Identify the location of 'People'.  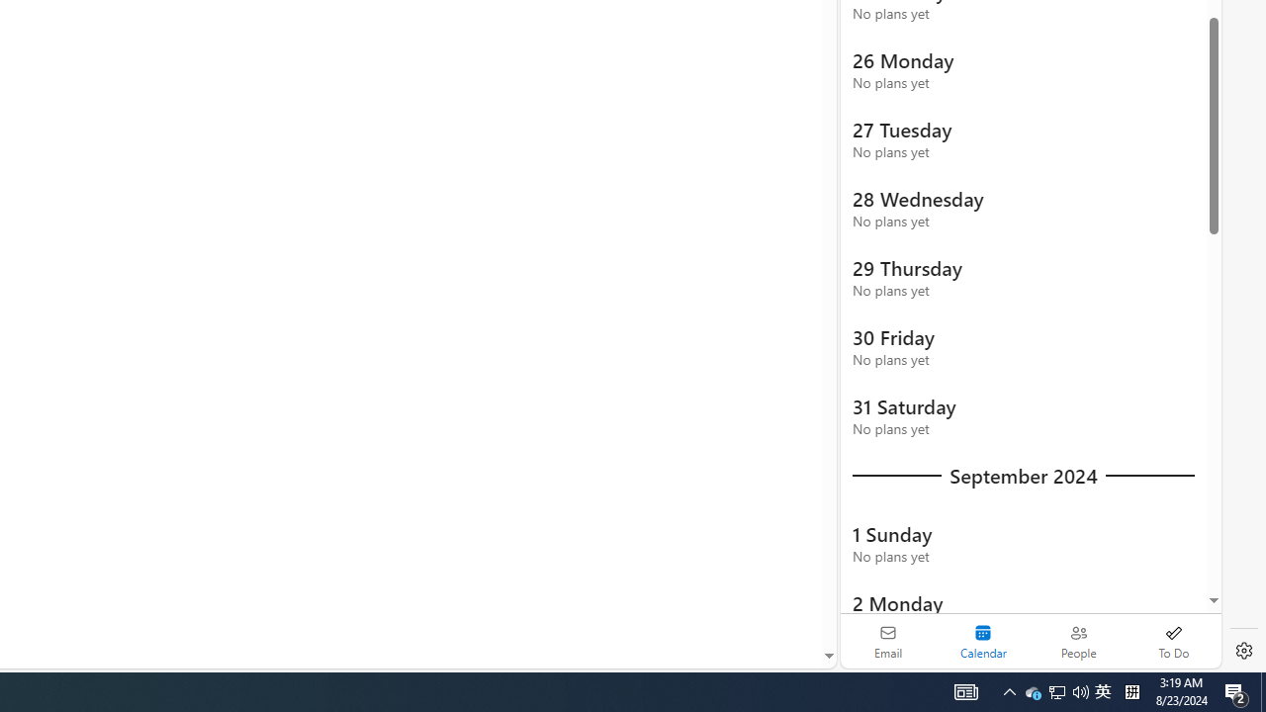
(1077, 641).